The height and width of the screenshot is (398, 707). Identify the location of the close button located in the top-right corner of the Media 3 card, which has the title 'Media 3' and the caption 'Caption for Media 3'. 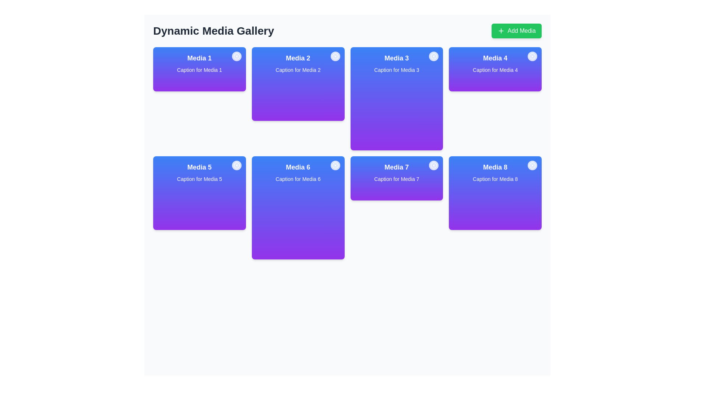
(434, 56).